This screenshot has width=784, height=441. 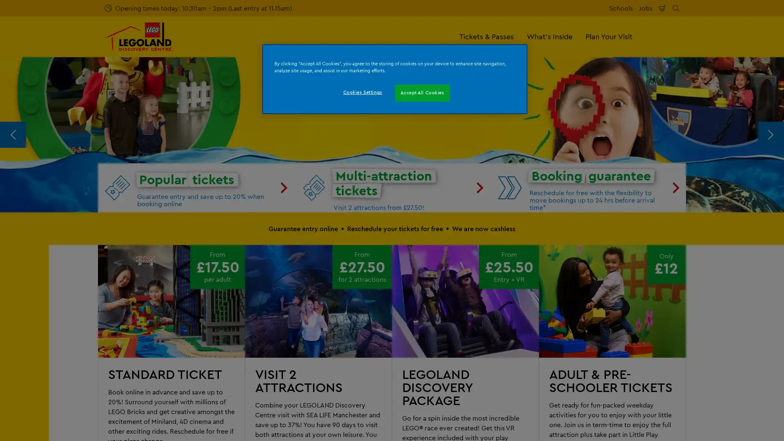 I want to click on Accept All Cookies, so click(x=422, y=92).